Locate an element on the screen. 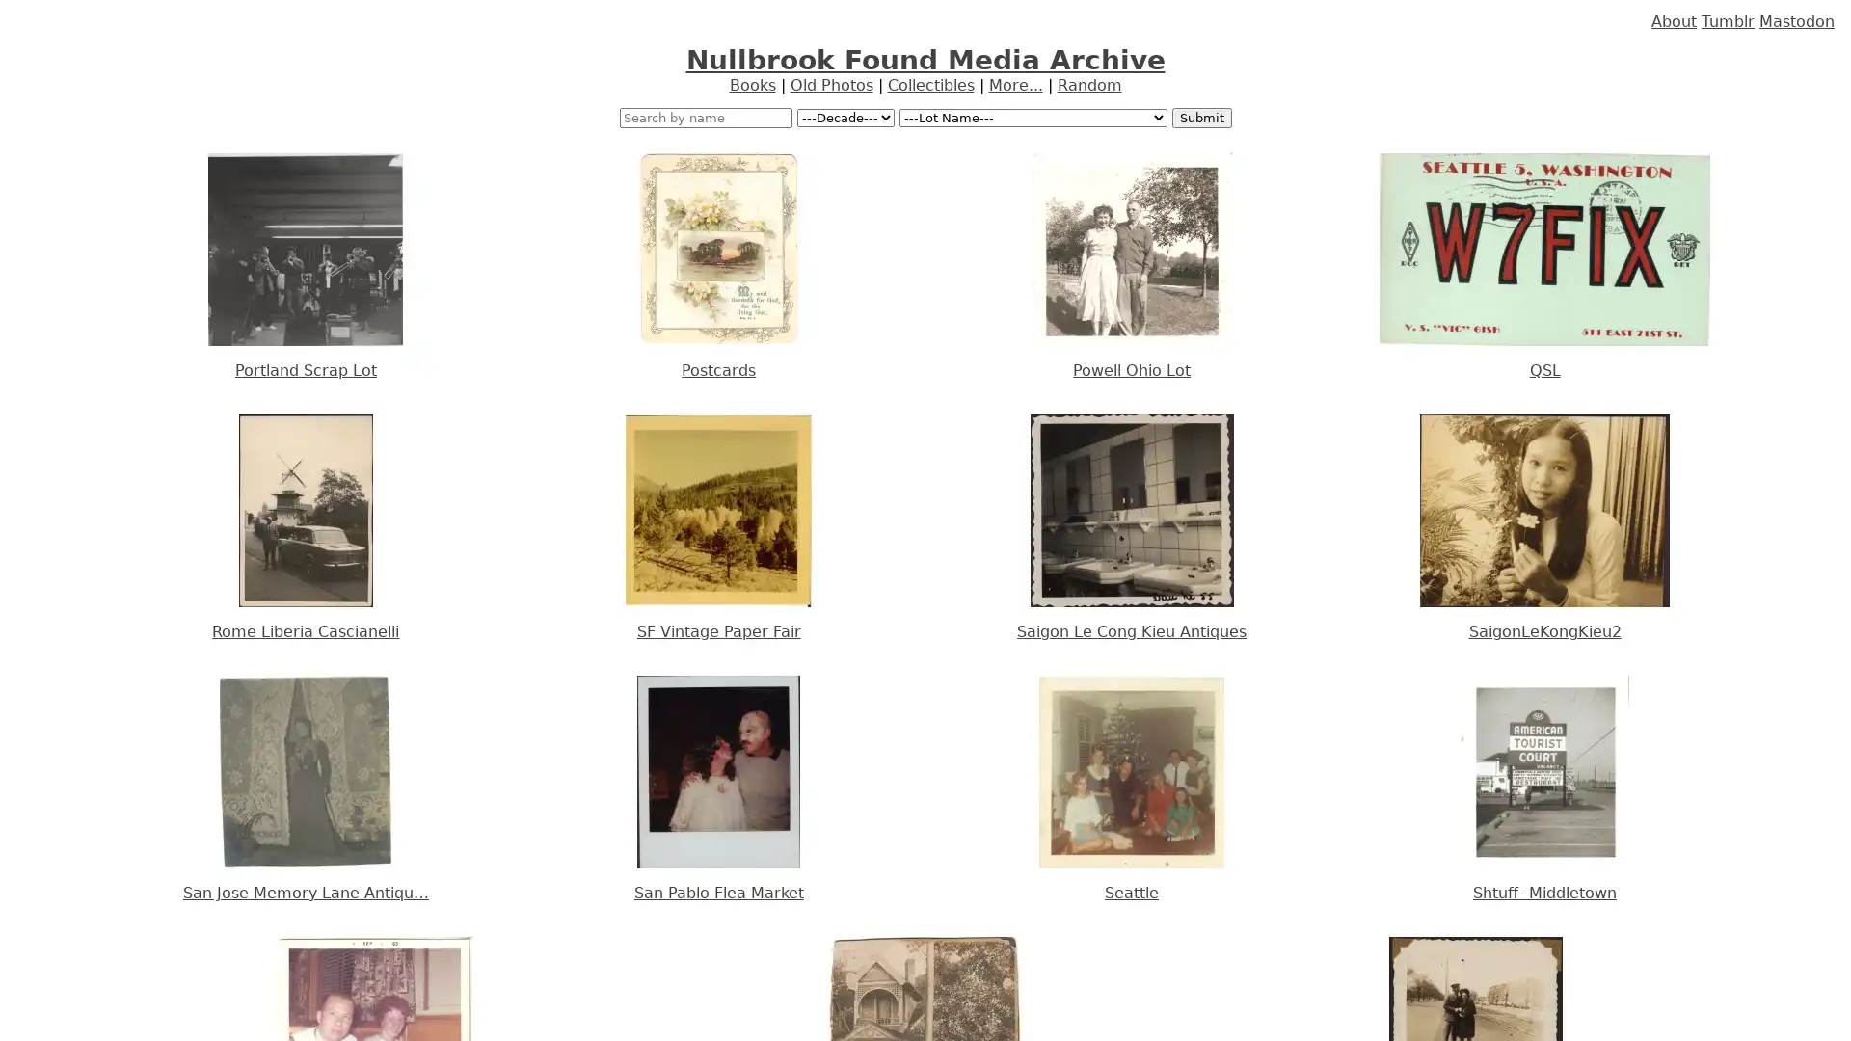 The image size is (1851, 1041). Submit is located at coordinates (1200, 118).